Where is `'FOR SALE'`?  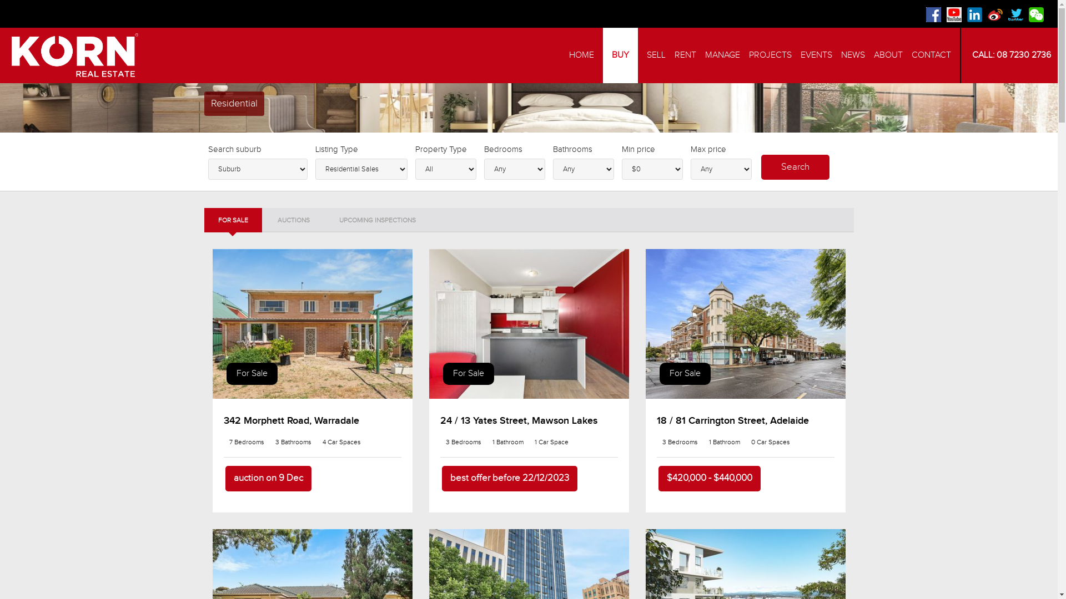
'FOR SALE' is located at coordinates (204, 220).